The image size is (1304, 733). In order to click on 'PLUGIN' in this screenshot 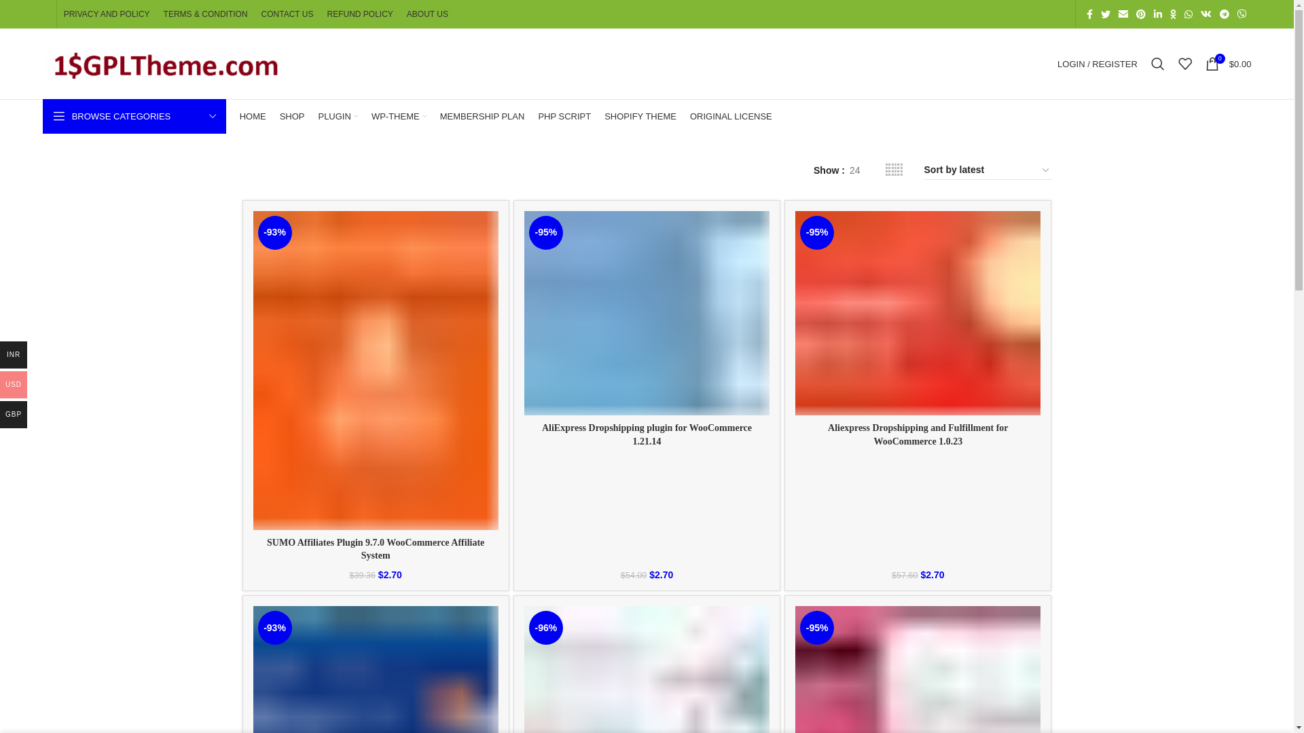, I will do `click(338, 116)`.